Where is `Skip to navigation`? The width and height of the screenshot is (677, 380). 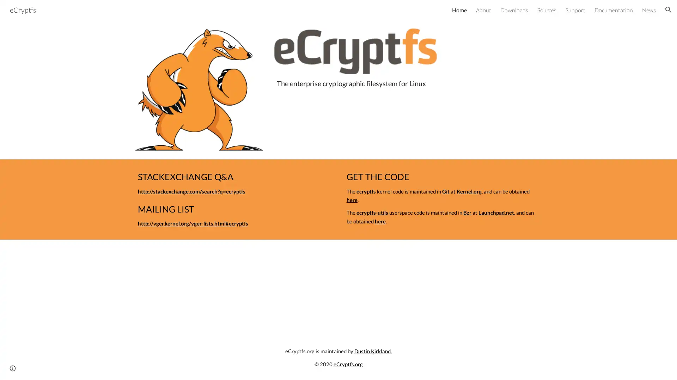
Skip to navigation is located at coordinates (402, 13).